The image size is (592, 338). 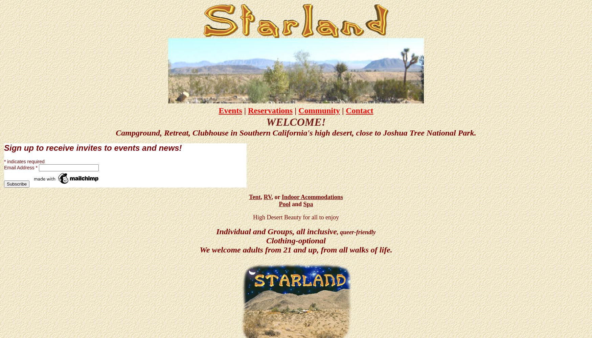 I want to click on 'Reservations', so click(x=270, y=110).